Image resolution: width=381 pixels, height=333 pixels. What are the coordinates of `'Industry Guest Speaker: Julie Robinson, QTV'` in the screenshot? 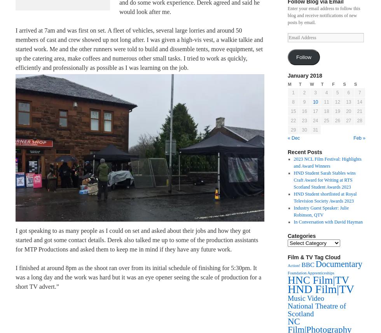 It's located at (321, 212).